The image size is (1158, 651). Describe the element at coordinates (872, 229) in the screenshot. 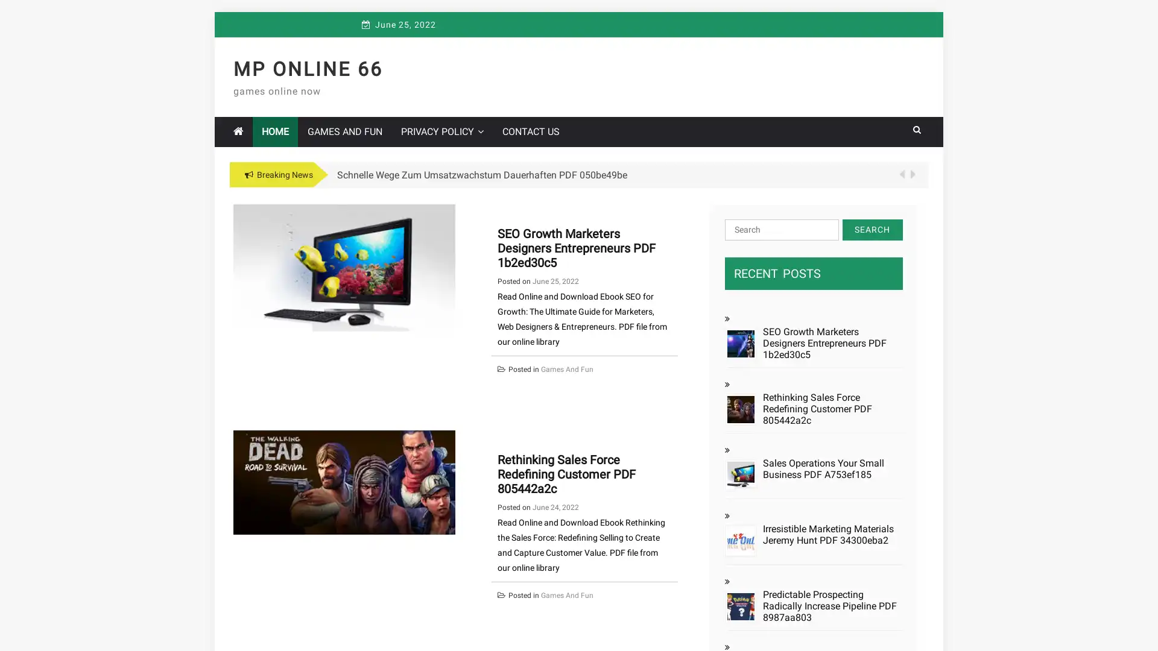

I see `Search` at that location.